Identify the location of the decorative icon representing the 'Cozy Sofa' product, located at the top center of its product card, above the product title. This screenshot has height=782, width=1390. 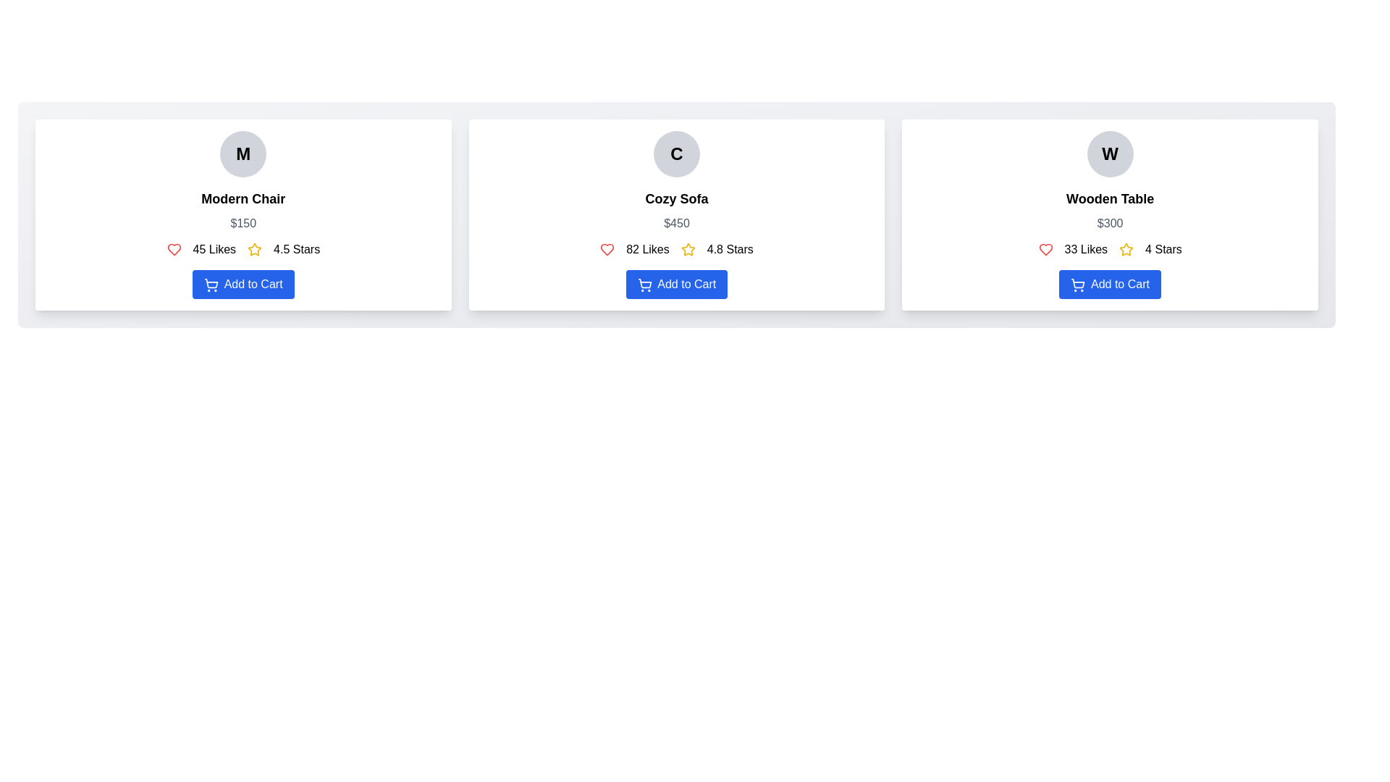
(676, 154).